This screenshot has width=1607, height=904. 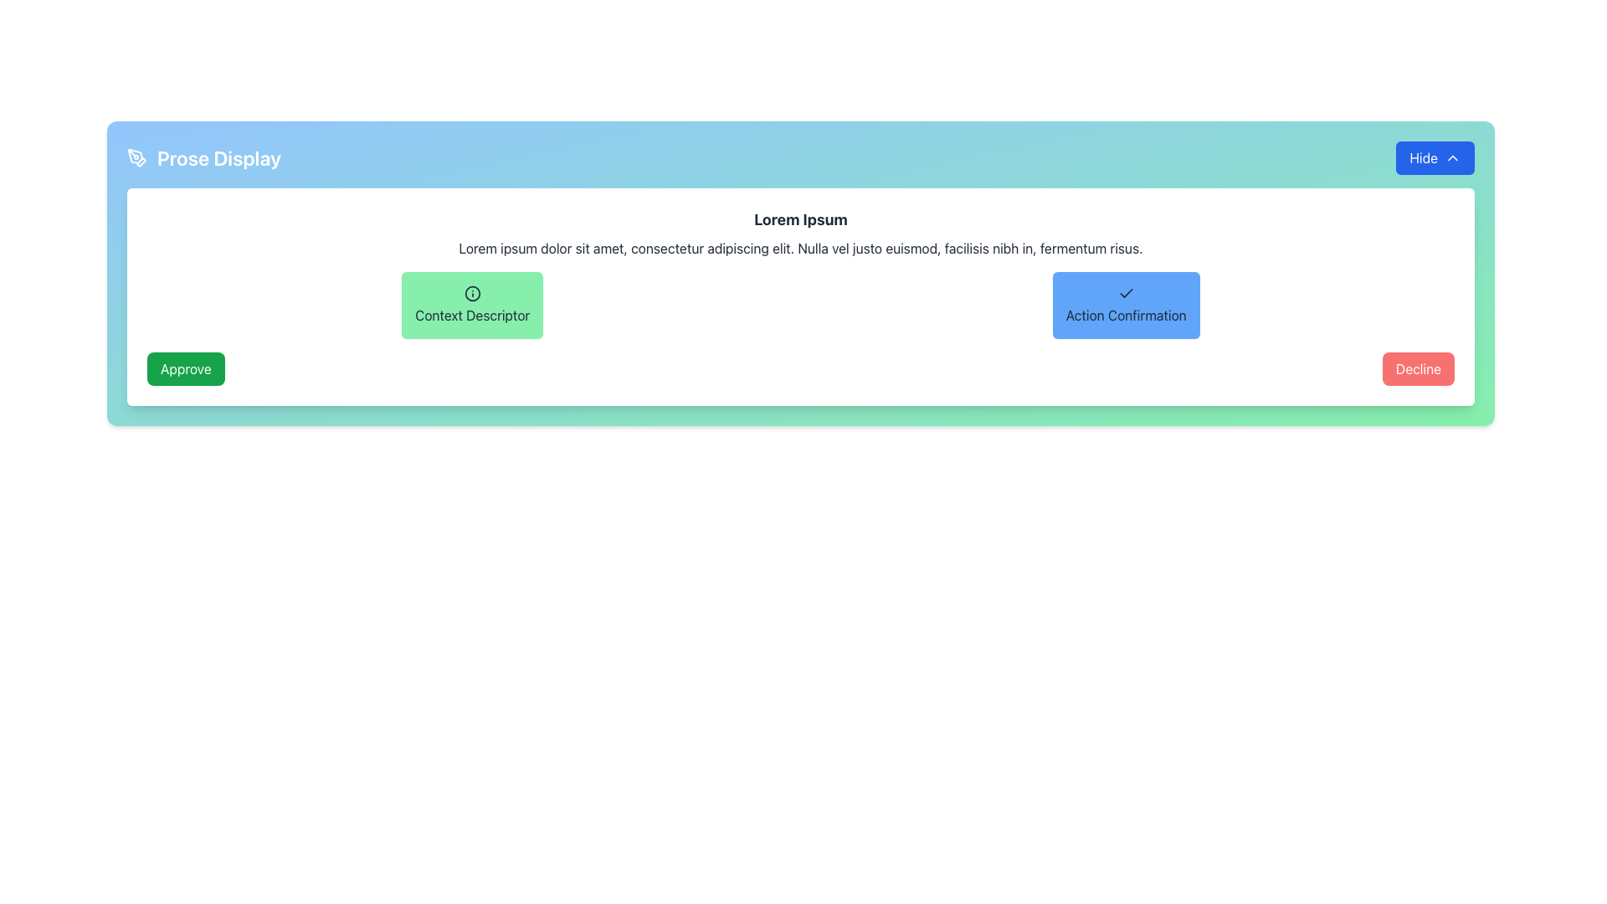 What do you see at coordinates (471, 293) in the screenshot?
I see `the circular icon with an outlined border and an information symbol ('i') inside, located in the 'Context Descriptor' section near the middle of the display interface` at bounding box center [471, 293].